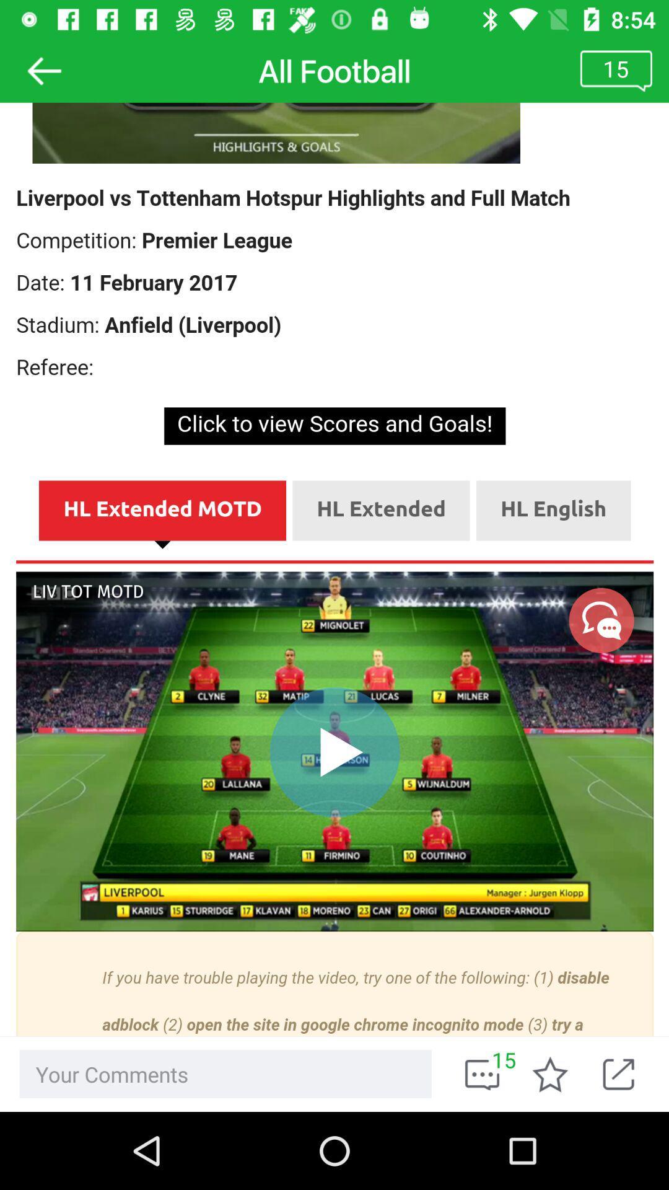 This screenshot has height=1190, width=669. I want to click on the launch icon, so click(626, 1073).